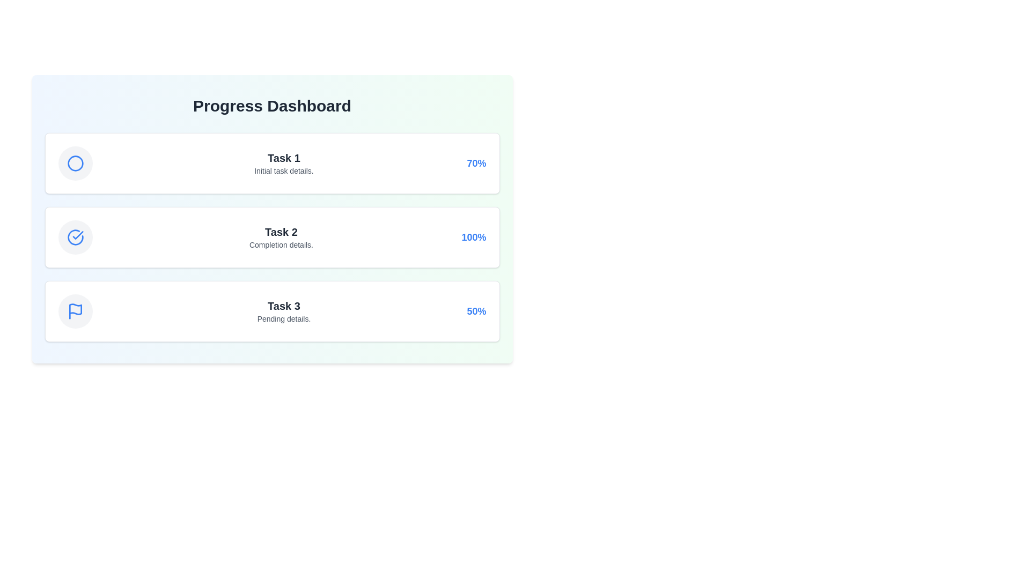 The image size is (1030, 579). Describe the element at coordinates (272, 237) in the screenshot. I see `a task card in the 'Progress Dashboard'` at that location.